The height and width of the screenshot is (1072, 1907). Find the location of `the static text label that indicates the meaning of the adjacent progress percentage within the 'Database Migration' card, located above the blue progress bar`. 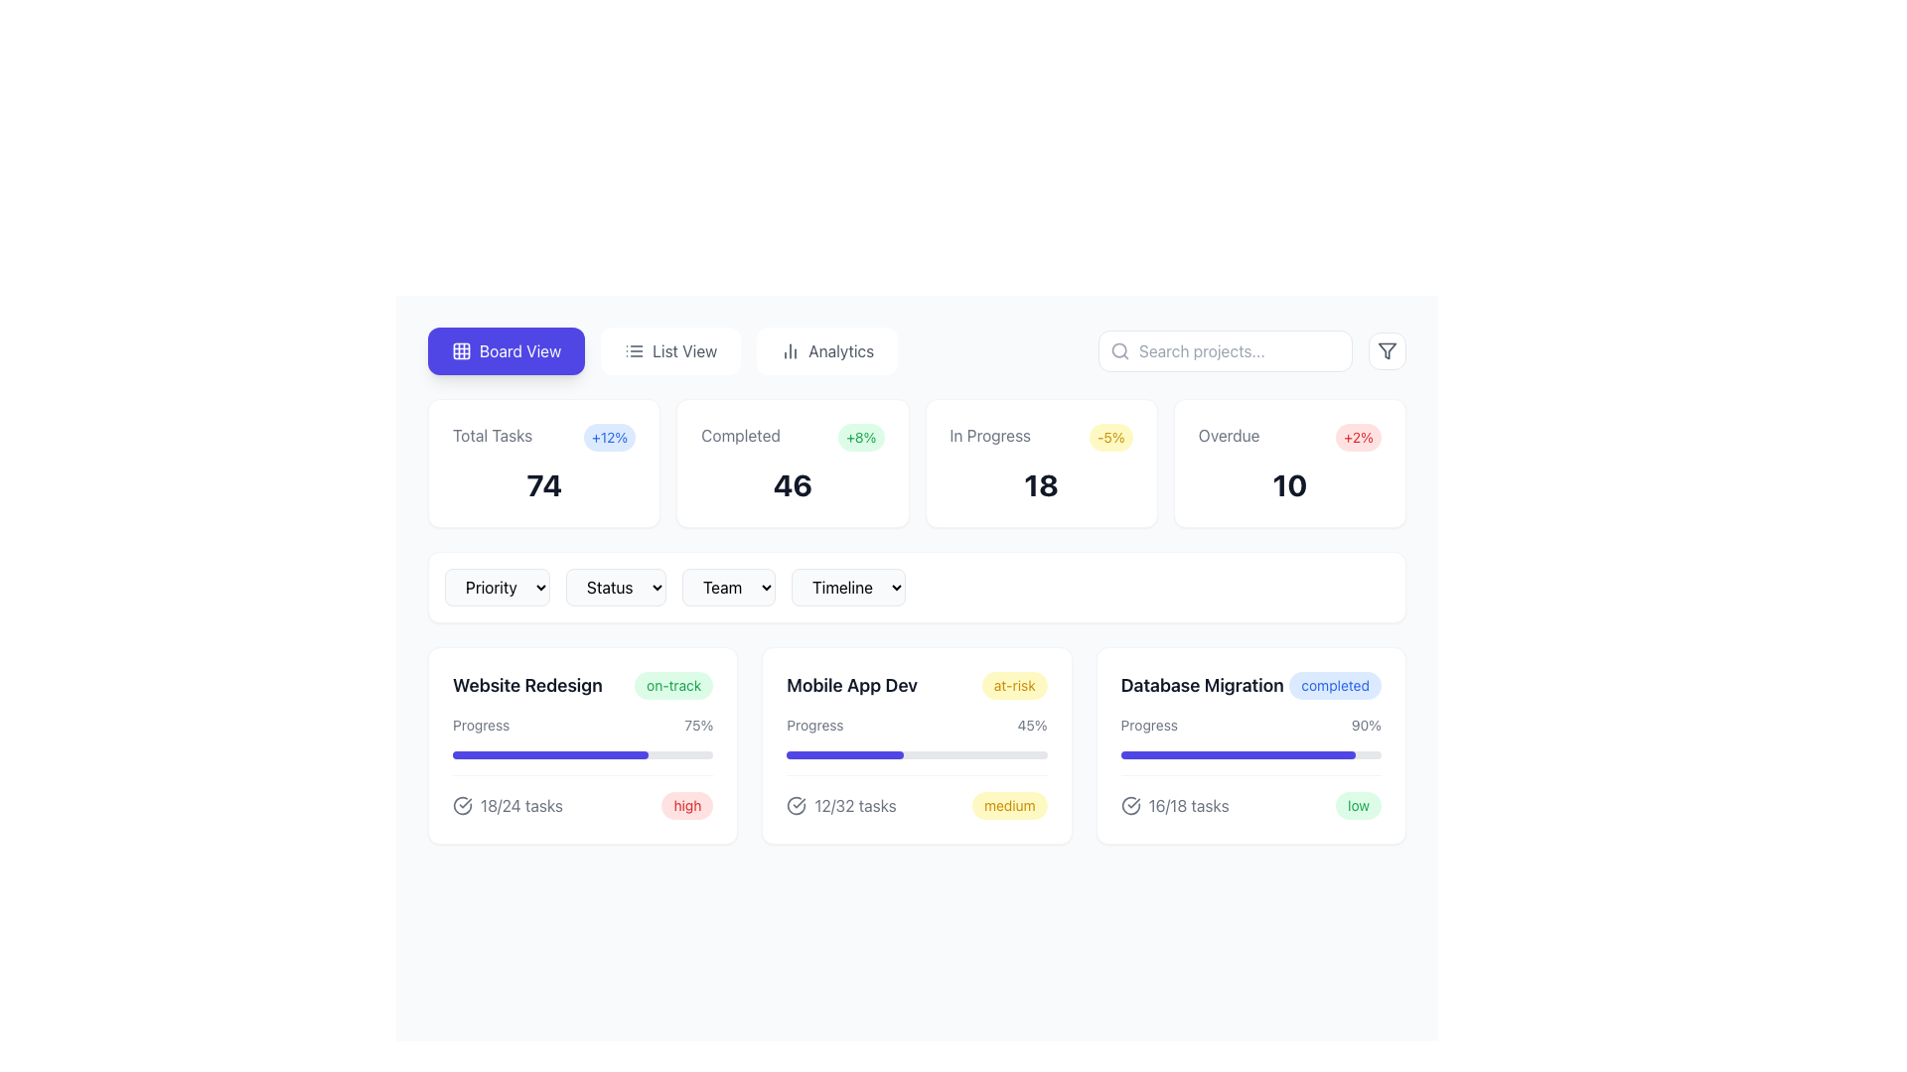

the static text label that indicates the meaning of the adjacent progress percentage within the 'Database Migration' card, located above the blue progress bar is located at coordinates (1149, 726).